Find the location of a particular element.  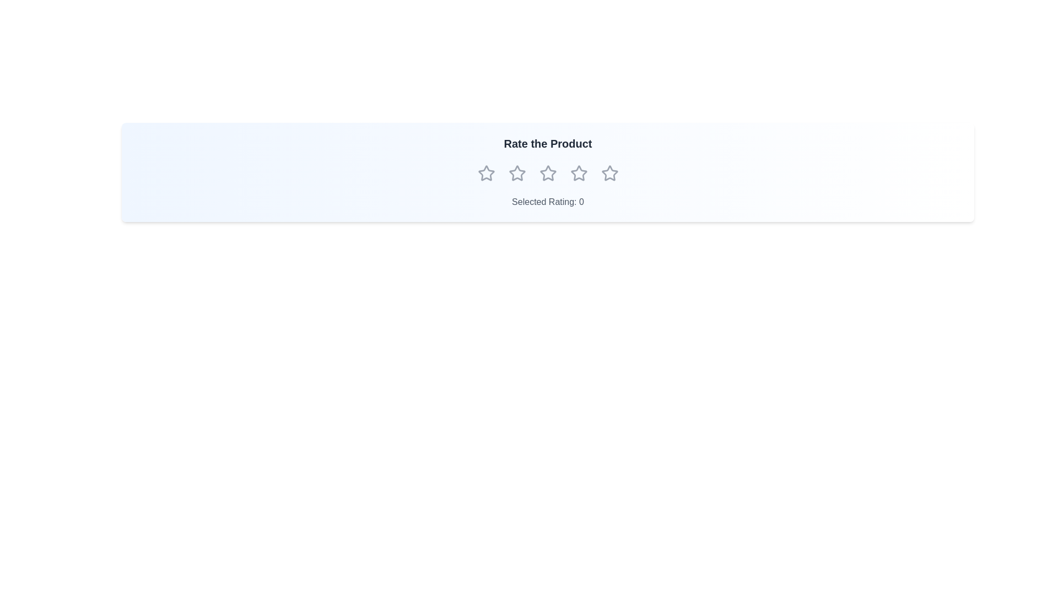

the first interactive rating star icon is located at coordinates (485, 172).